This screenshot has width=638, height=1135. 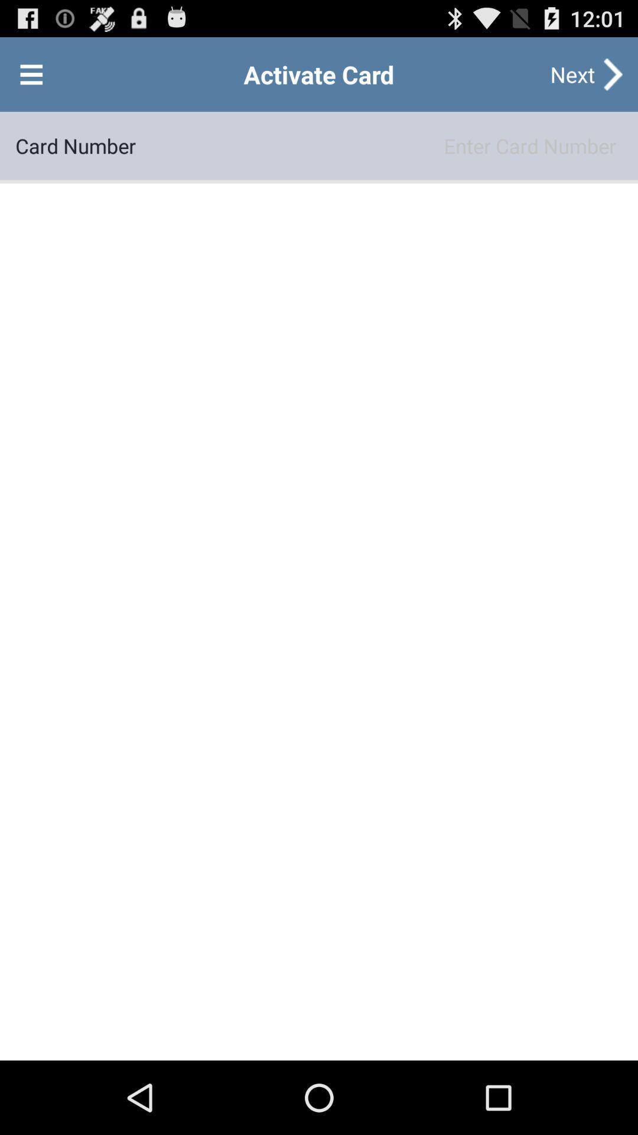 What do you see at coordinates (31, 73) in the screenshot?
I see `app to the left of activate card app` at bounding box center [31, 73].